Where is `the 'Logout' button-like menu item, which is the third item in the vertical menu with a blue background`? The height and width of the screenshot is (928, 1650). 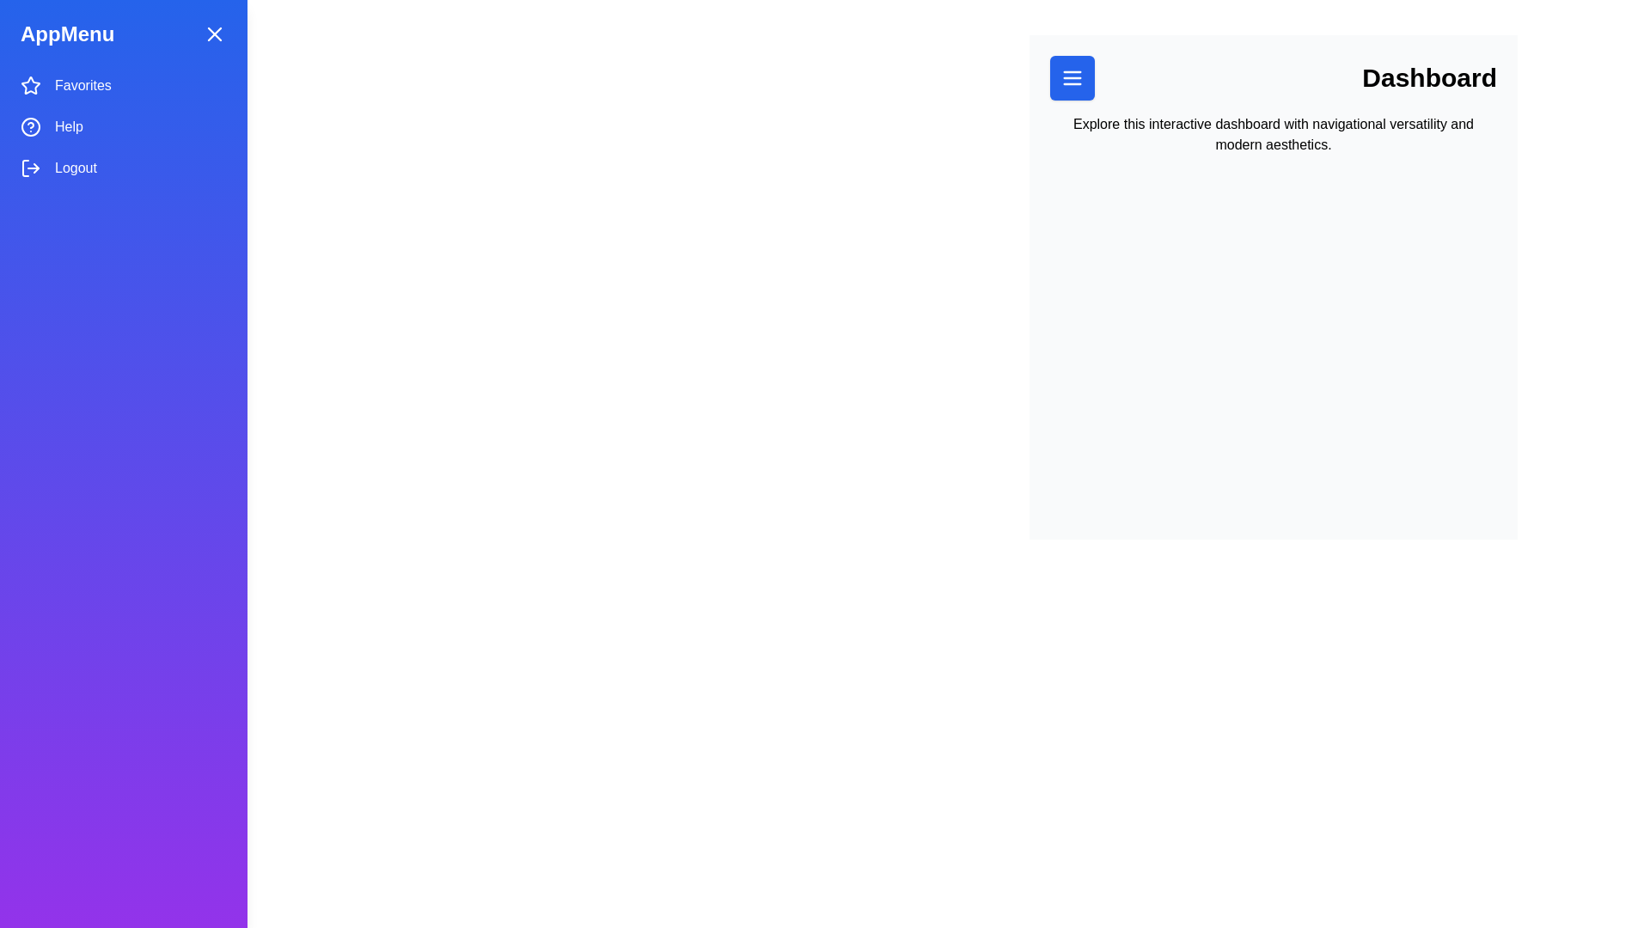 the 'Logout' button-like menu item, which is the third item in the vertical menu with a blue background is located at coordinates (123, 168).